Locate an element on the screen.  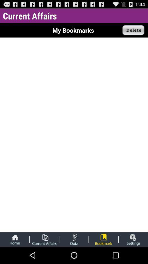
my bookmarks is located at coordinates (104, 239).